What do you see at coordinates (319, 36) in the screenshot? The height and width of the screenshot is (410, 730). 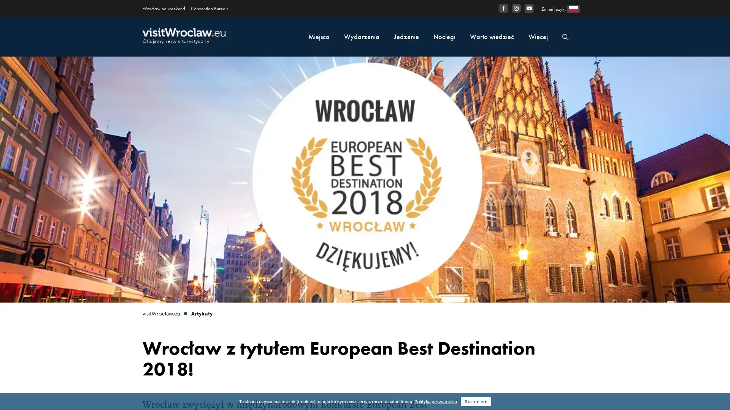 I see `Miejsca` at bounding box center [319, 36].